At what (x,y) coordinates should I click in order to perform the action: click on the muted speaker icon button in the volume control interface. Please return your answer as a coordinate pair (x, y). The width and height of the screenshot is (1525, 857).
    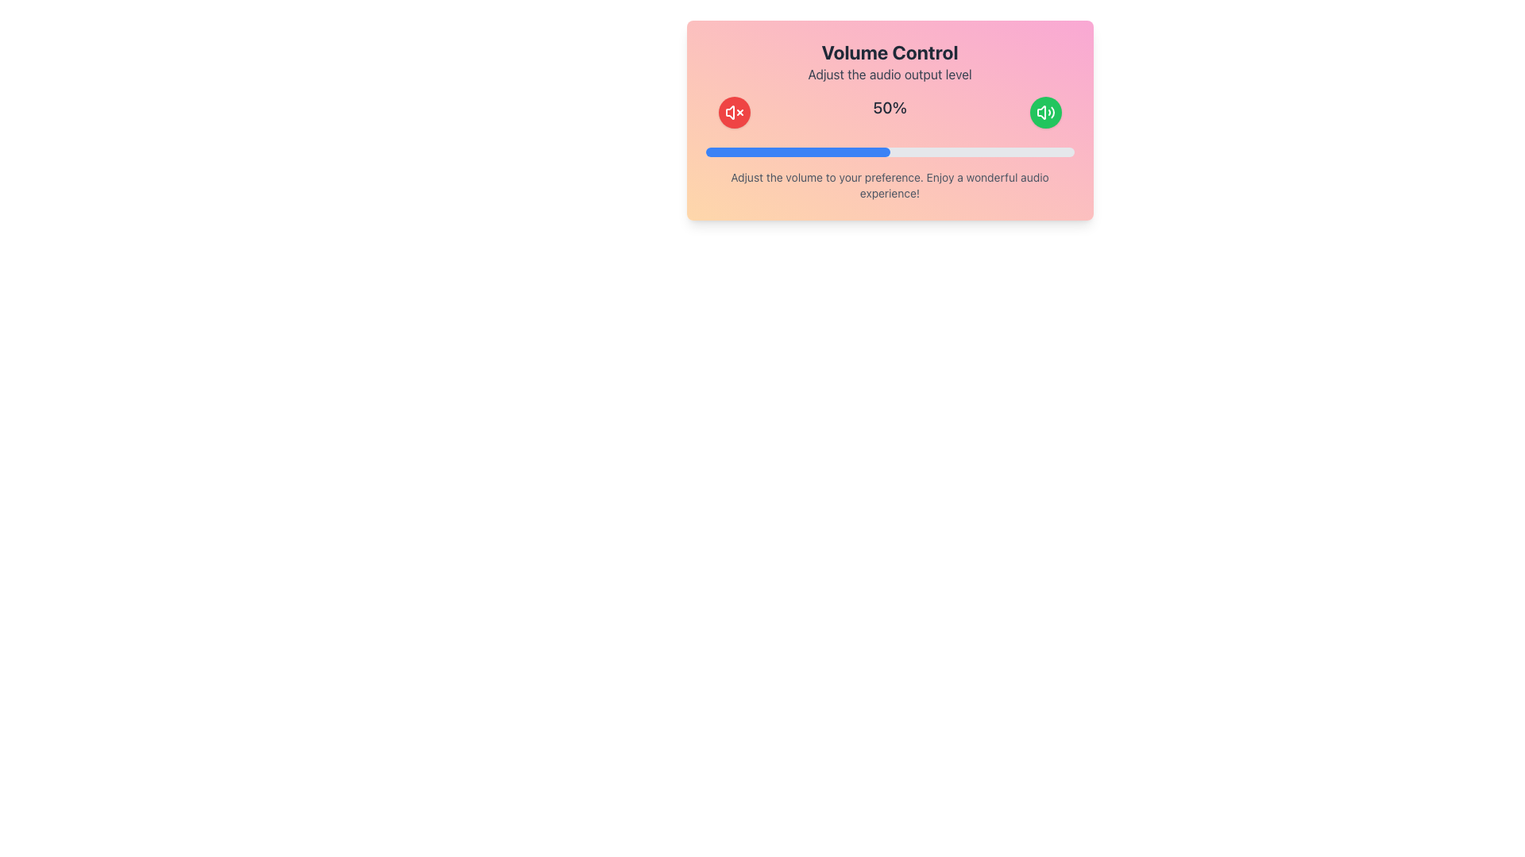
    Looking at the image, I should click on (728, 112).